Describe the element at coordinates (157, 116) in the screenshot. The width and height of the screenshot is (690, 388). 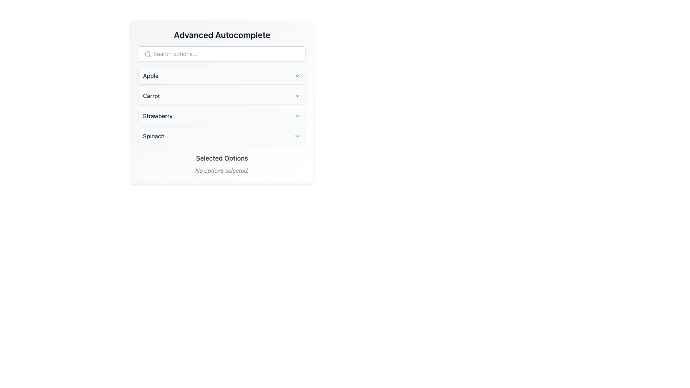
I see `the 'Strawberry' text label in the third item of the vertical list of selectable options` at that location.